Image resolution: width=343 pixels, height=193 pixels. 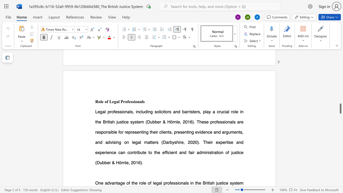 I want to click on the scrollbar on the right to move the page upward, so click(x=340, y=69).